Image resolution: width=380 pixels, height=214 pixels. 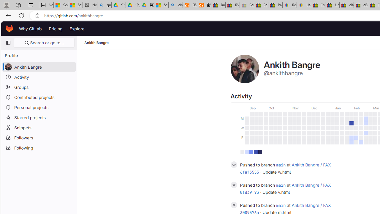 I want to click on 'ebay - Search', so click(x=175, y=5).